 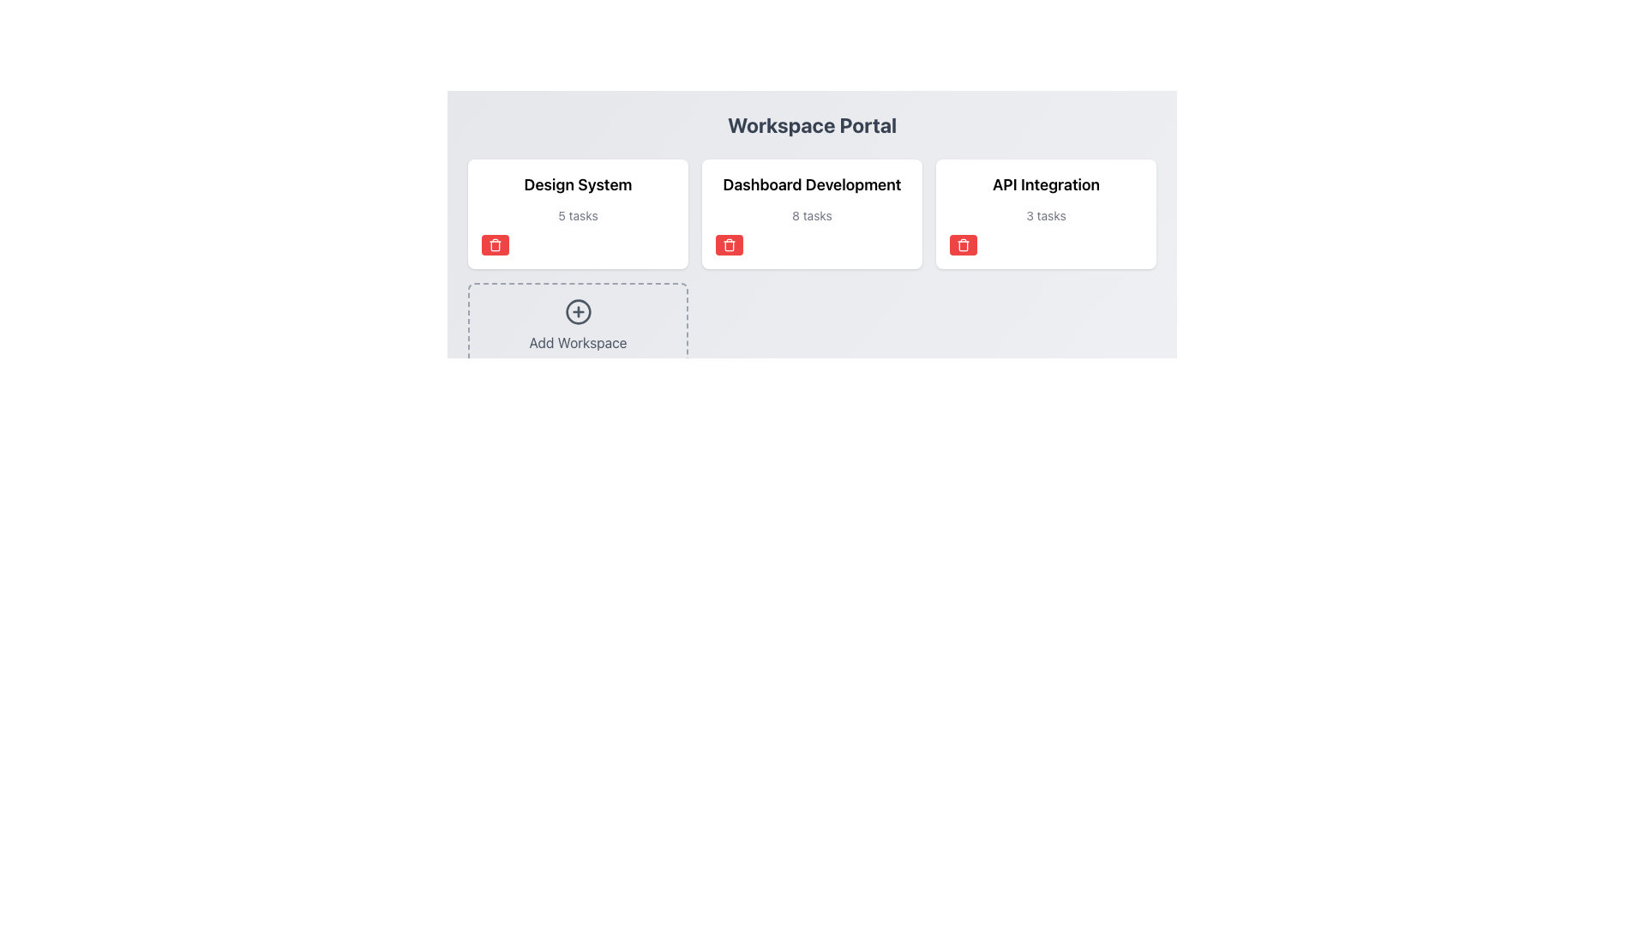 What do you see at coordinates (578, 214) in the screenshot?
I see `text element displaying '5 tasks' in a small, gray font located beneath the 'Design System' title within a white card` at bounding box center [578, 214].